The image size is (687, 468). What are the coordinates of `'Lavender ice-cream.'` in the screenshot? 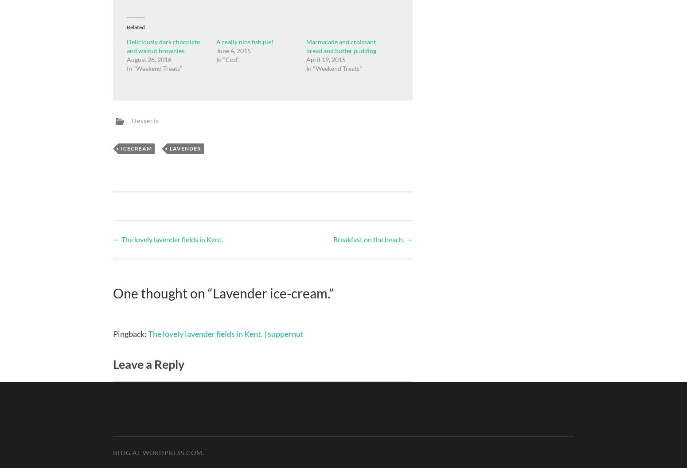 It's located at (271, 293).